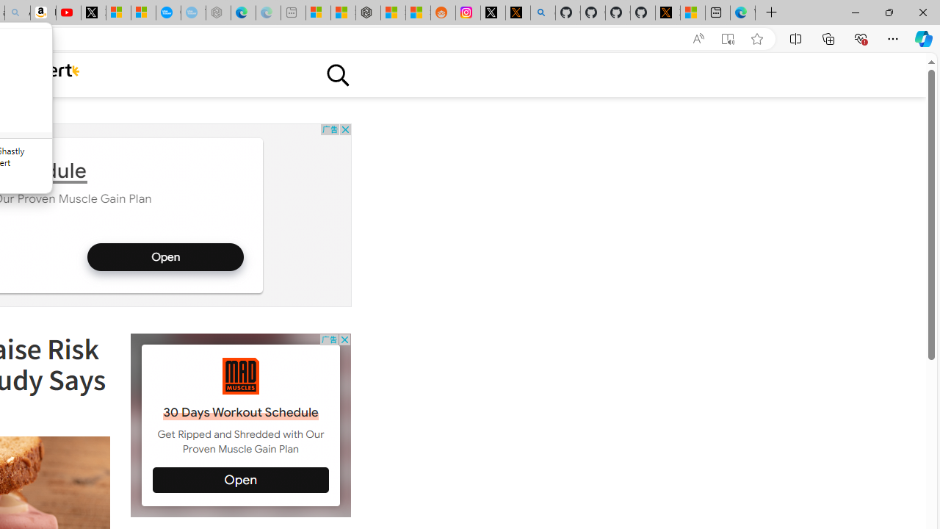 The width and height of the screenshot is (940, 529). What do you see at coordinates (368, 12) in the screenshot?
I see `'Nordace - Duffels'` at bounding box center [368, 12].